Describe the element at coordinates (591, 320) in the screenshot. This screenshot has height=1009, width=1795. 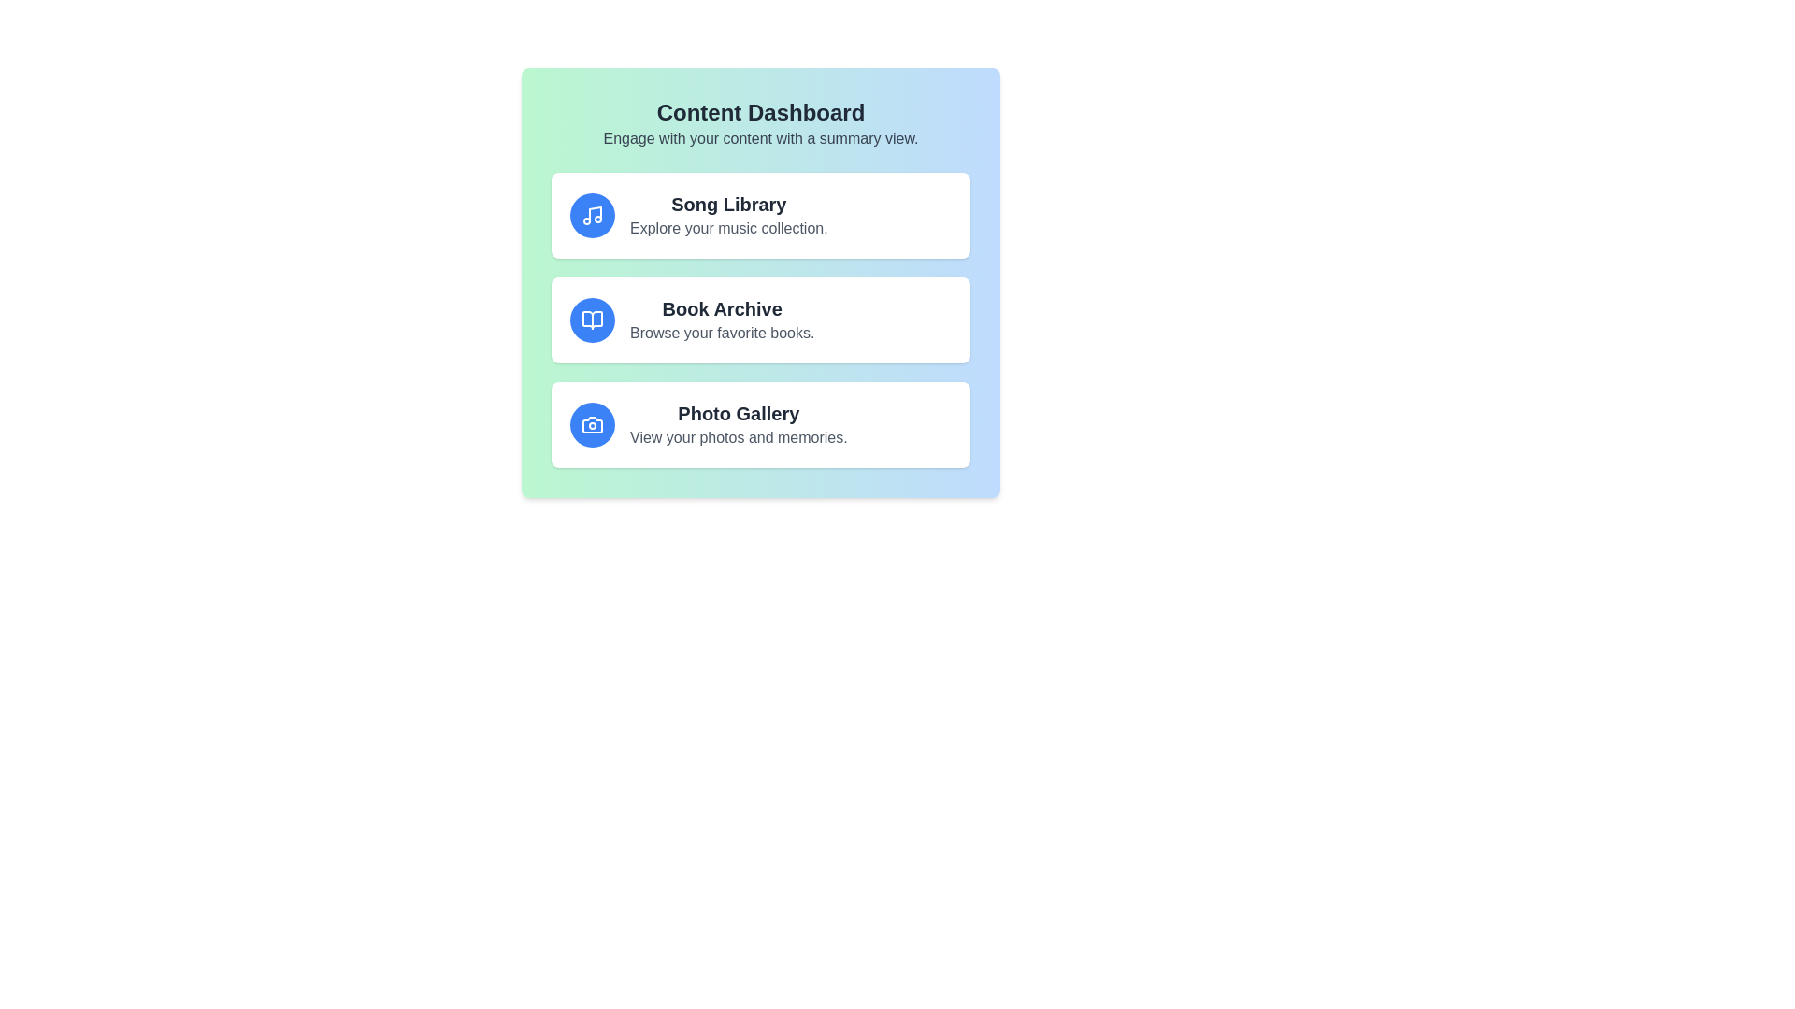
I see `the icon for Book Archive to explore its visual representation` at that location.